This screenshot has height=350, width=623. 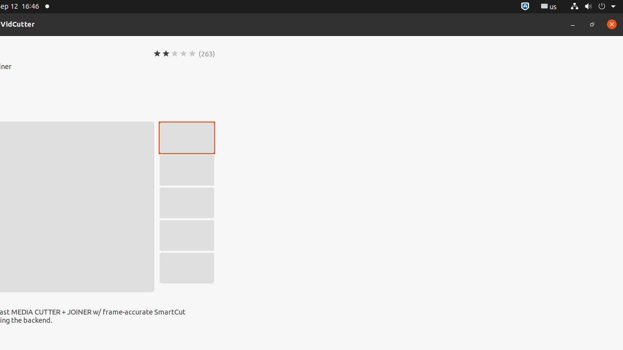 I want to click on 'Minimize', so click(x=572, y=23).